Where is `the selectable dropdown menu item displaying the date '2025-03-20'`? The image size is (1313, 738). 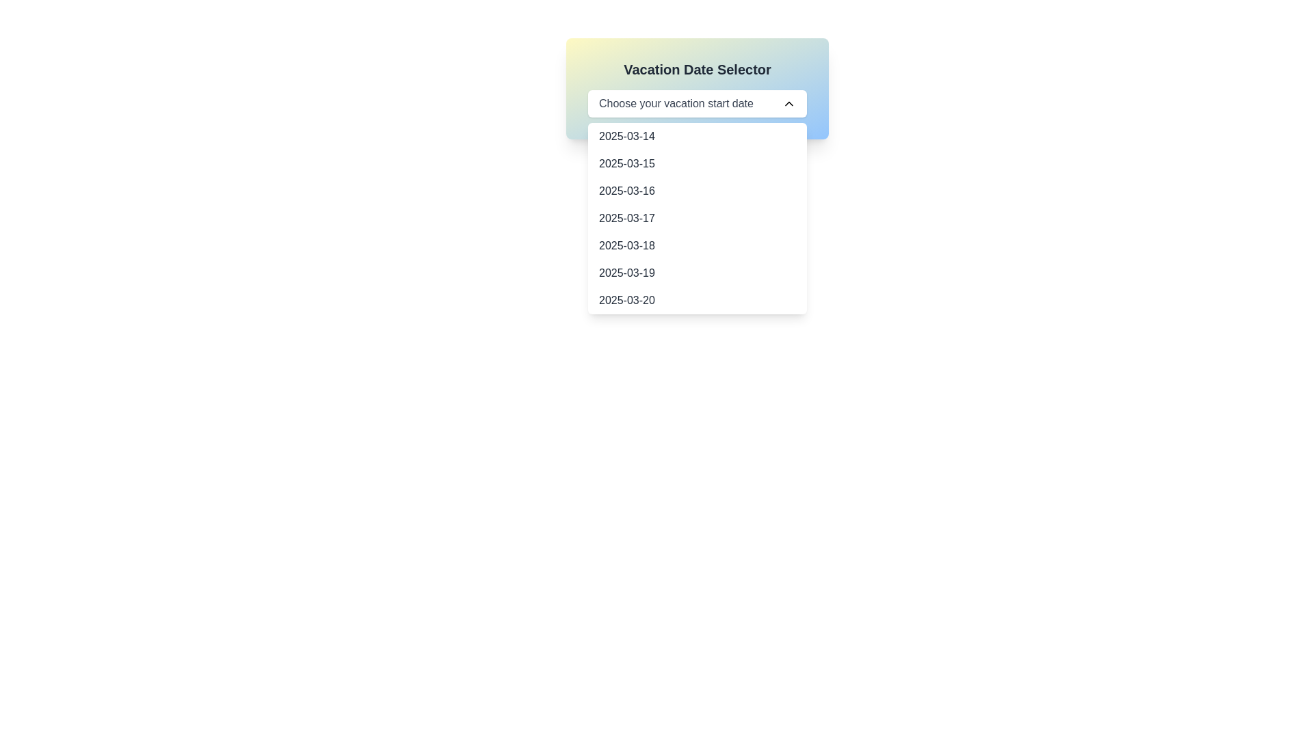
the selectable dropdown menu item displaying the date '2025-03-20' is located at coordinates (626, 299).